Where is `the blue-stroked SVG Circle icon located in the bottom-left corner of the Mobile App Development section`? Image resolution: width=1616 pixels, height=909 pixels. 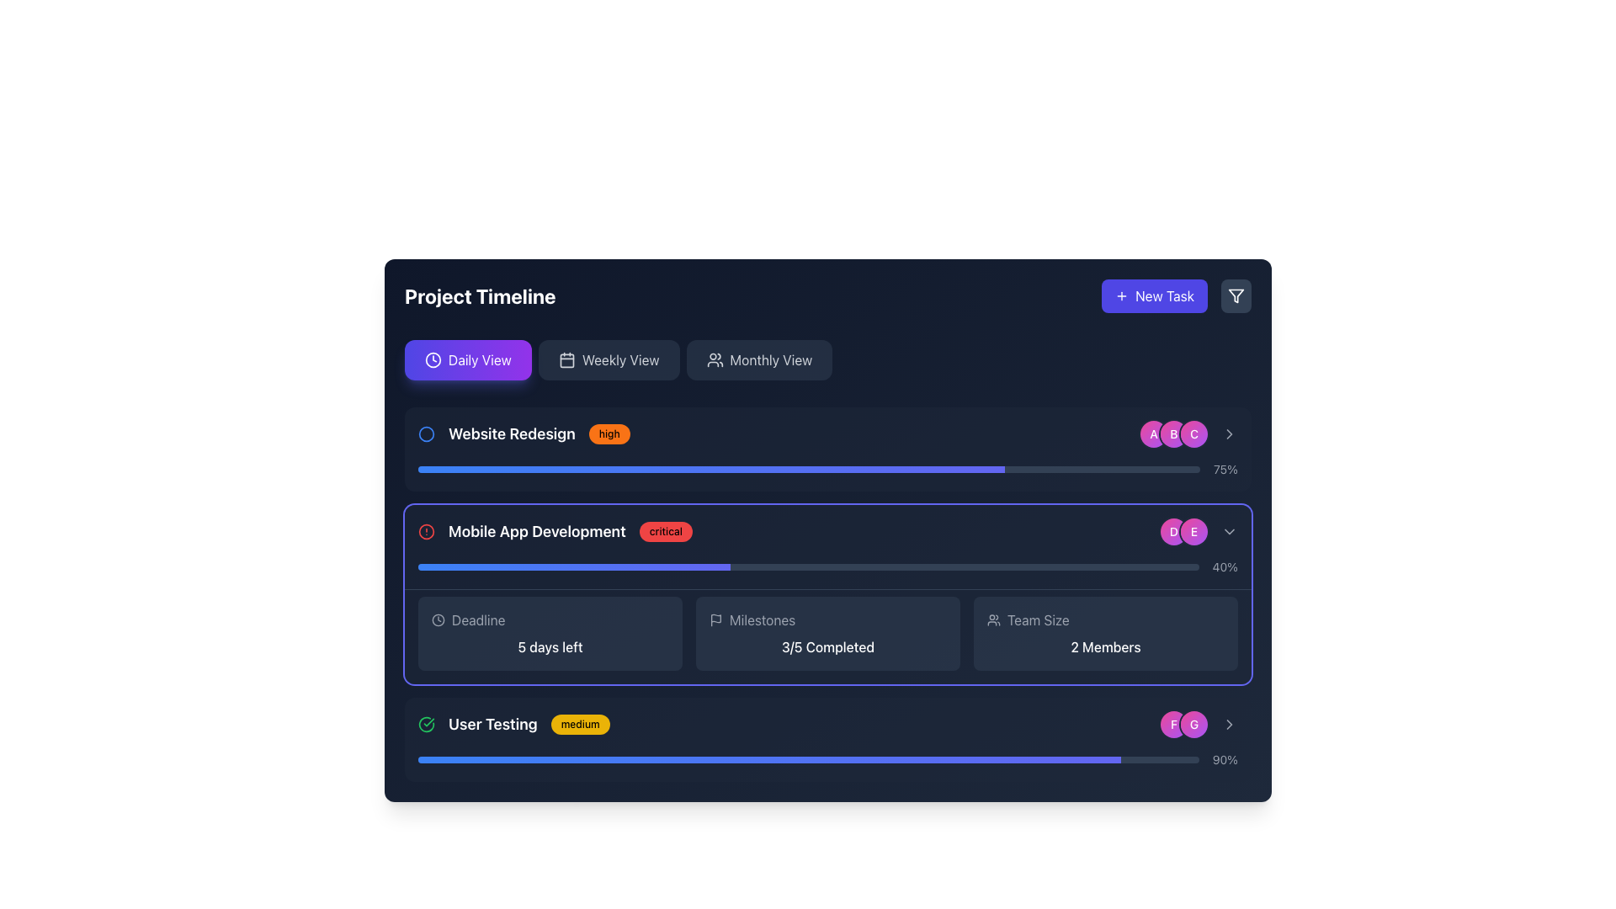
the blue-stroked SVG Circle icon located in the bottom-left corner of the Mobile App Development section is located at coordinates (427, 433).